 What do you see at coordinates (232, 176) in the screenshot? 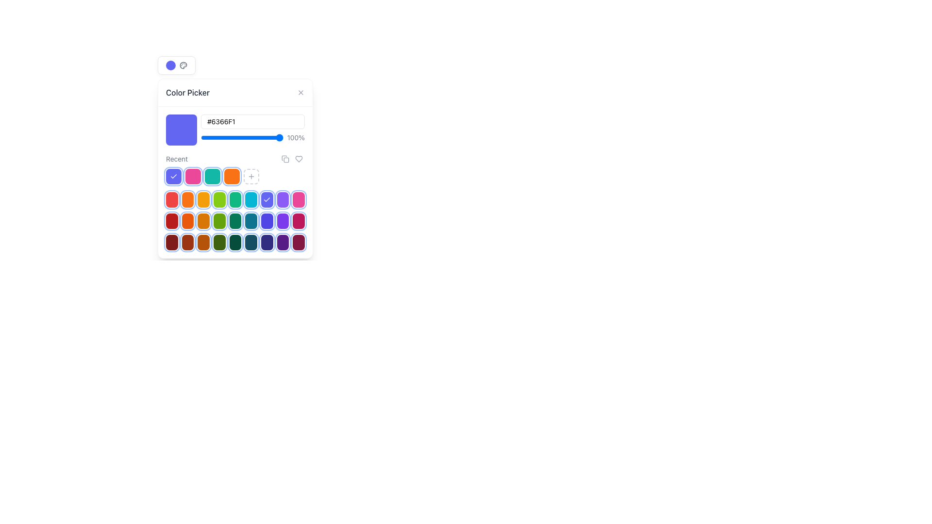
I see `the orange color selection button located in the 'Recent' section of the Color Picker interface, which is the sixth button in the horizontal list of recent colors` at bounding box center [232, 176].